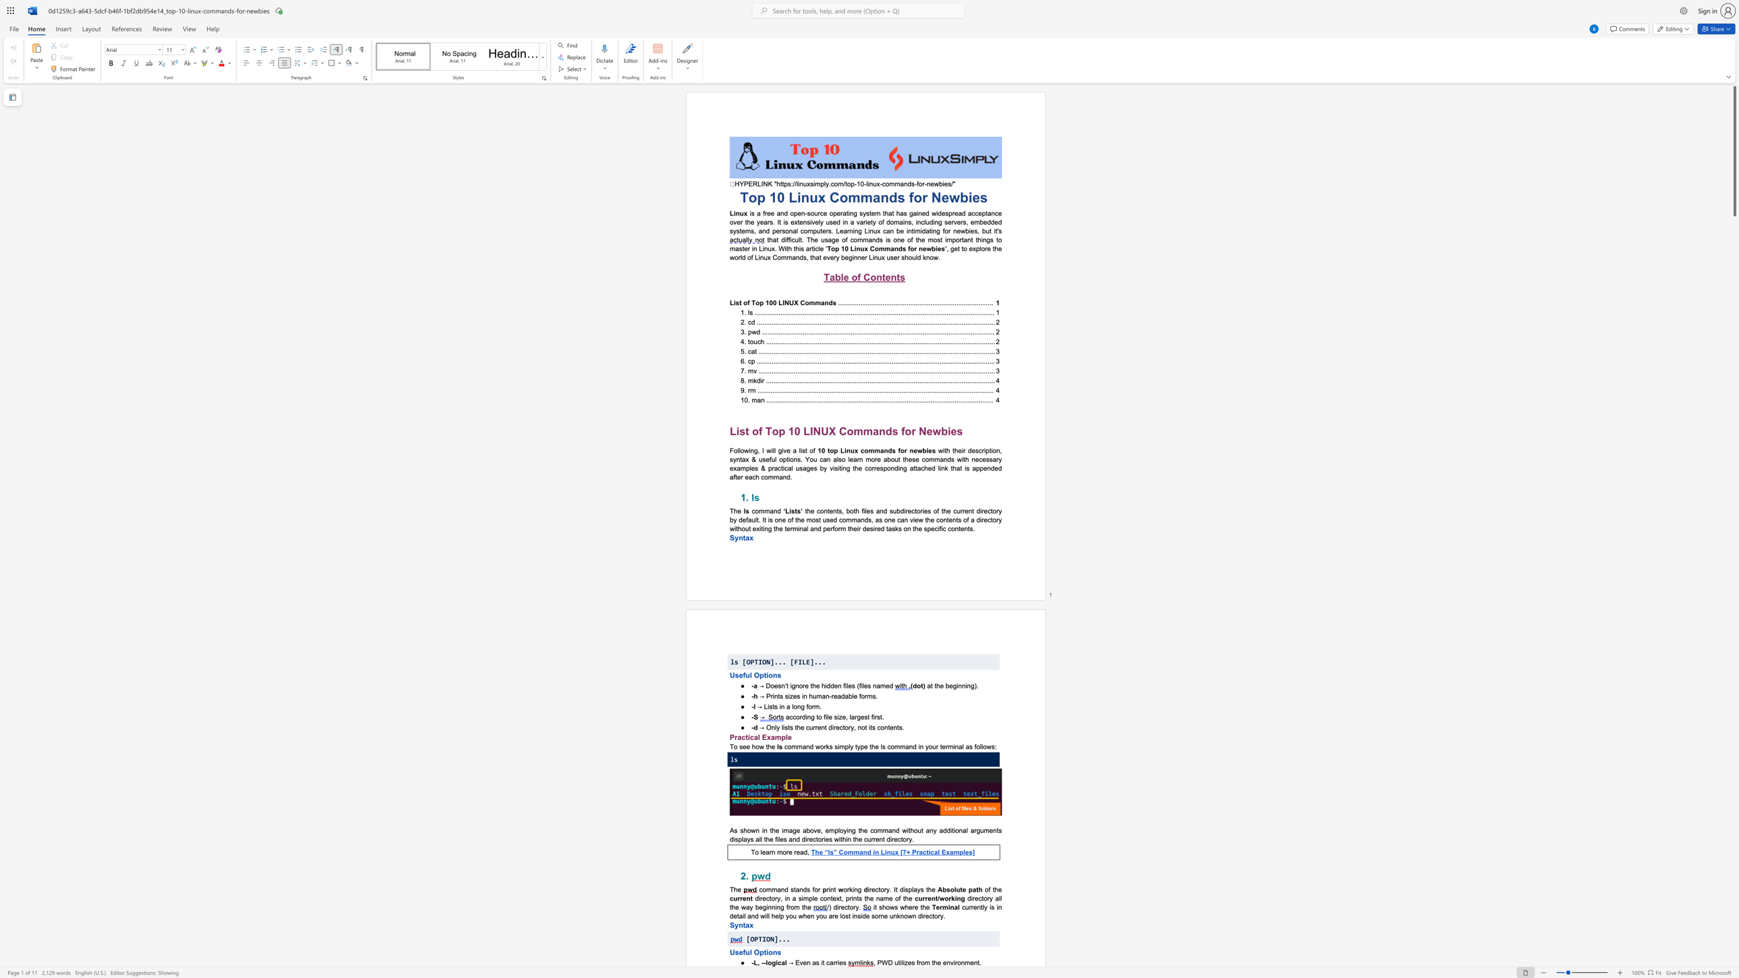 The height and width of the screenshot is (978, 1739). Describe the element at coordinates (761, 736) in the screenshot. I see `the subset text "Examp" within the text "Practical Example"` at that location.